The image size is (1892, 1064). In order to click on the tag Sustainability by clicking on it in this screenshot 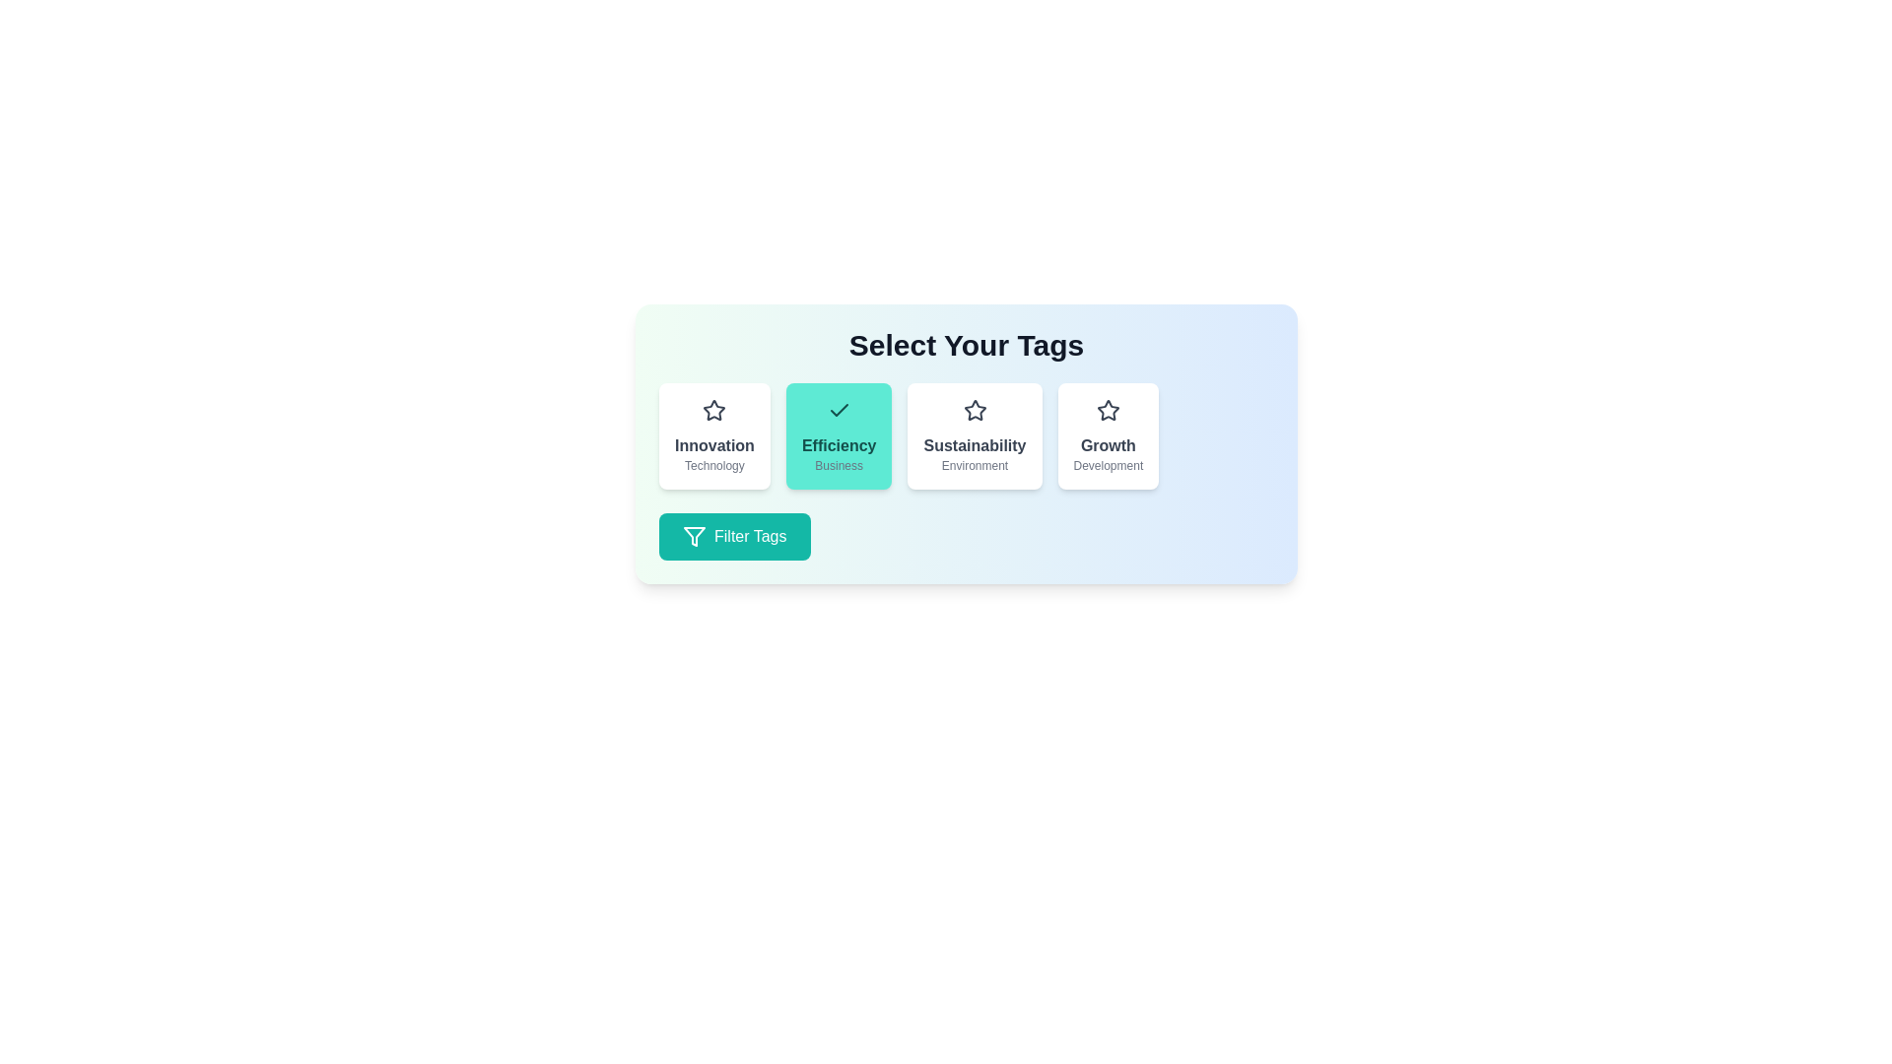, I will do `click(975, 435)`.